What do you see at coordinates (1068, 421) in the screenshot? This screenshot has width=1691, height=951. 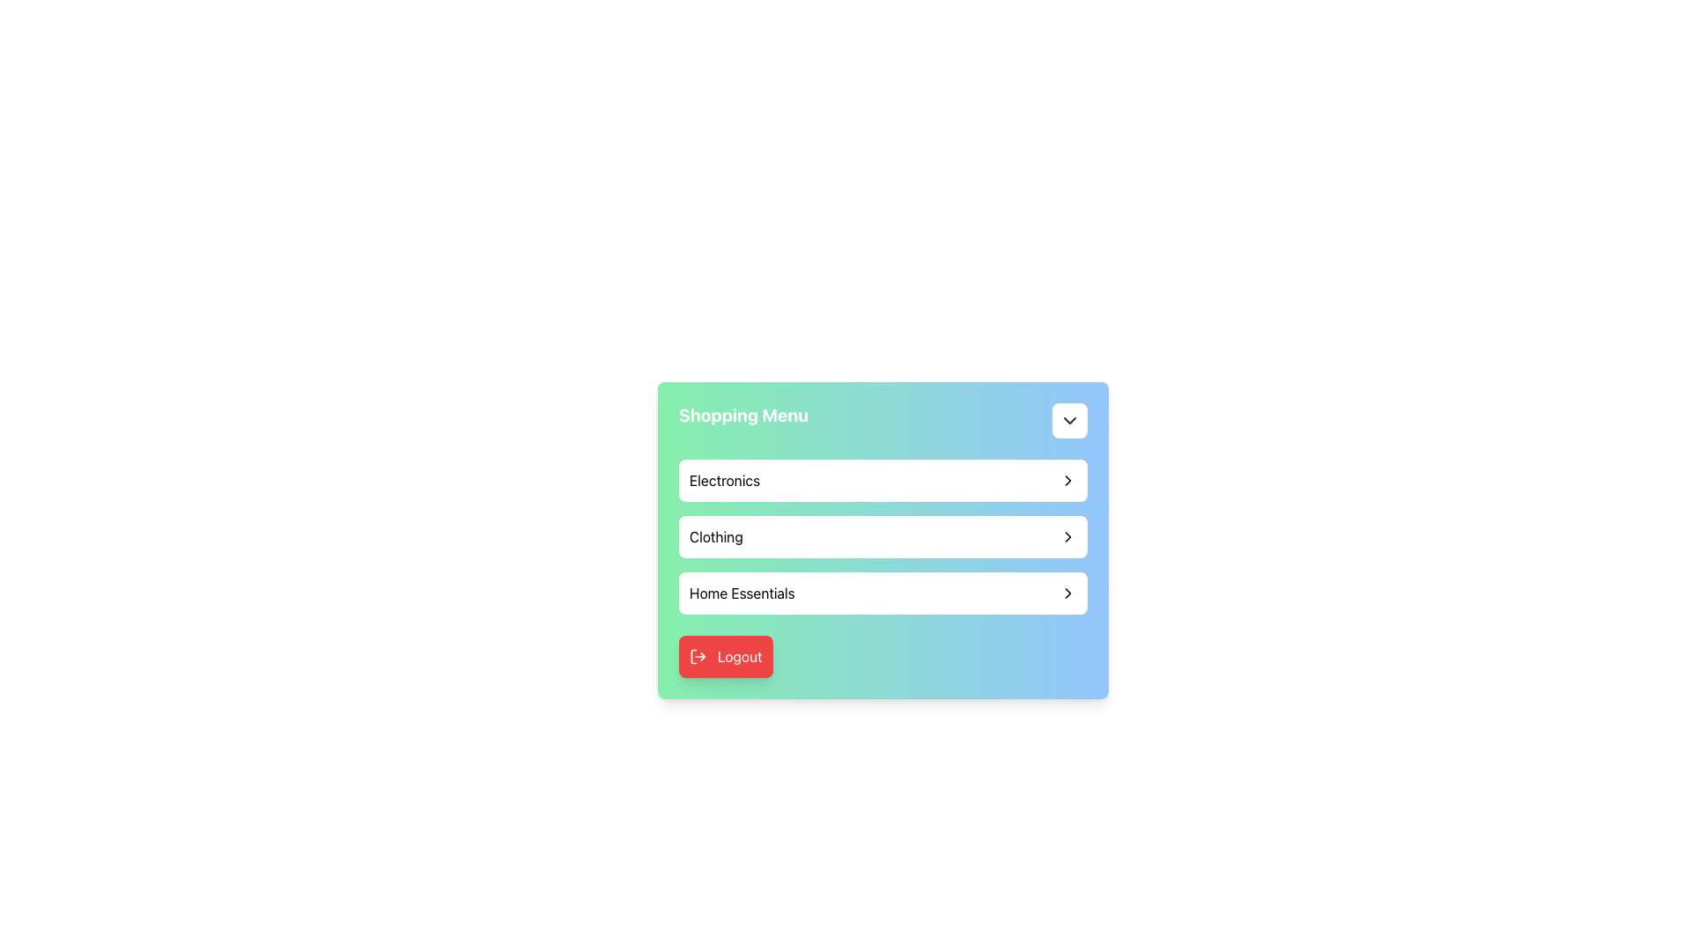 I see `the small square button with a white background and a downward-pointing chevron icon in the 'Shopping Menu' section` at bounding box center [1068, 421].